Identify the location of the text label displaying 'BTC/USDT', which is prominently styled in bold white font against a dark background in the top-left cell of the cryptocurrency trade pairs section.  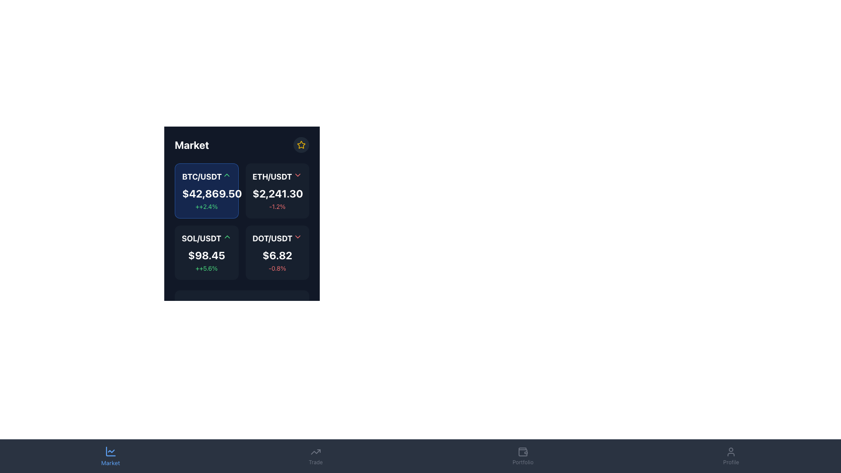
(201, 177).